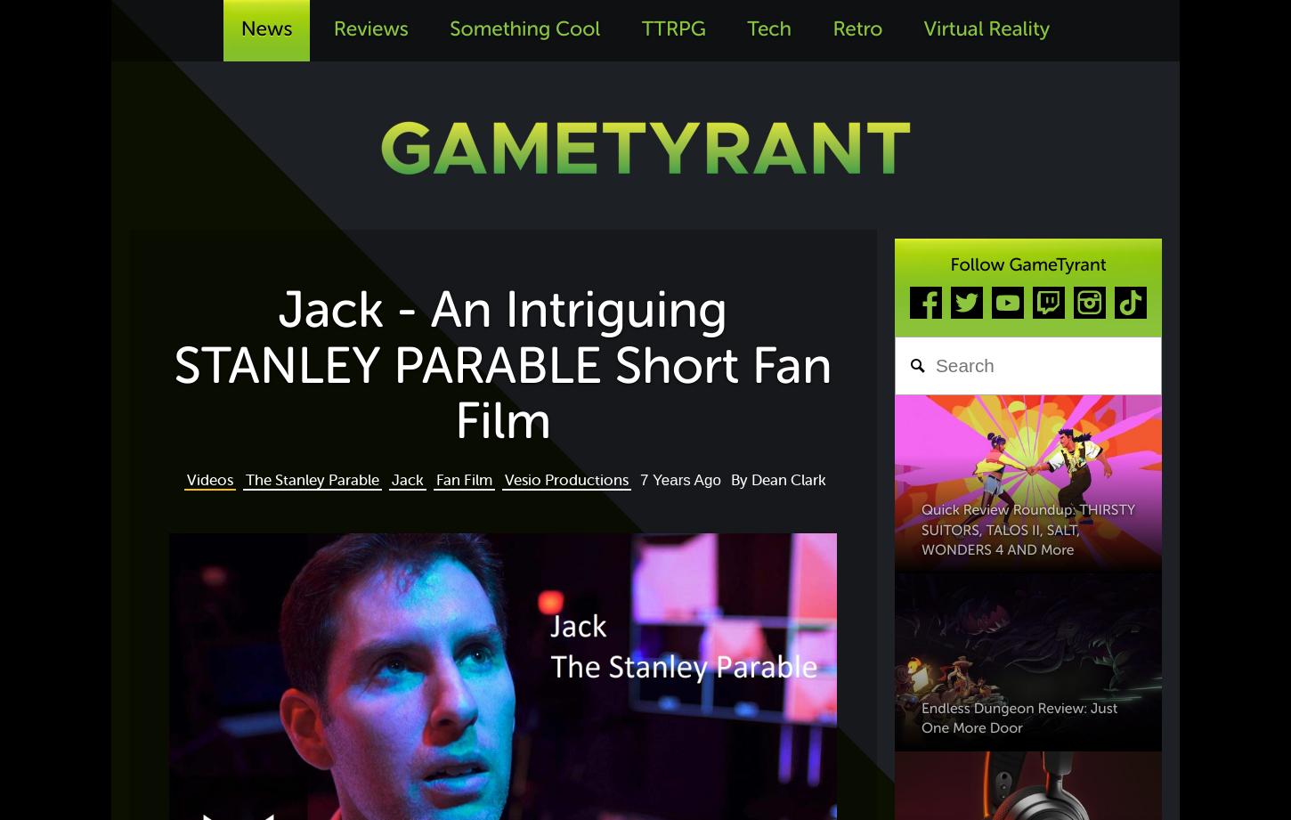 The height and width of the screenshot is (820, 1291). I want to click on 'Retro', so click(856, 29).